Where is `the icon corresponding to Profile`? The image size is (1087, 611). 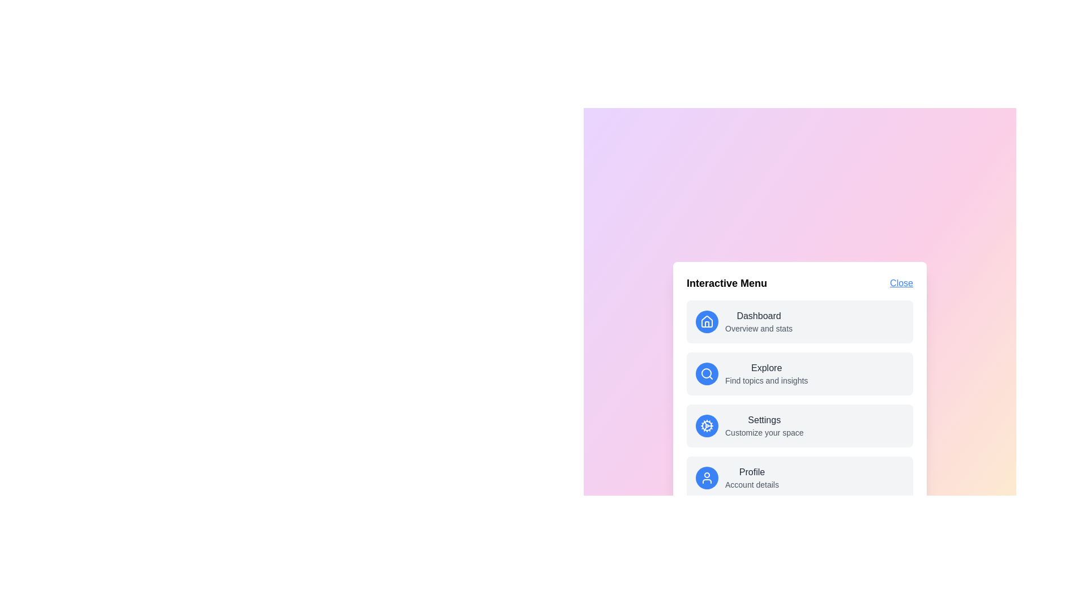 the icon corresponding to Profile is located at coordinates (706, 477).